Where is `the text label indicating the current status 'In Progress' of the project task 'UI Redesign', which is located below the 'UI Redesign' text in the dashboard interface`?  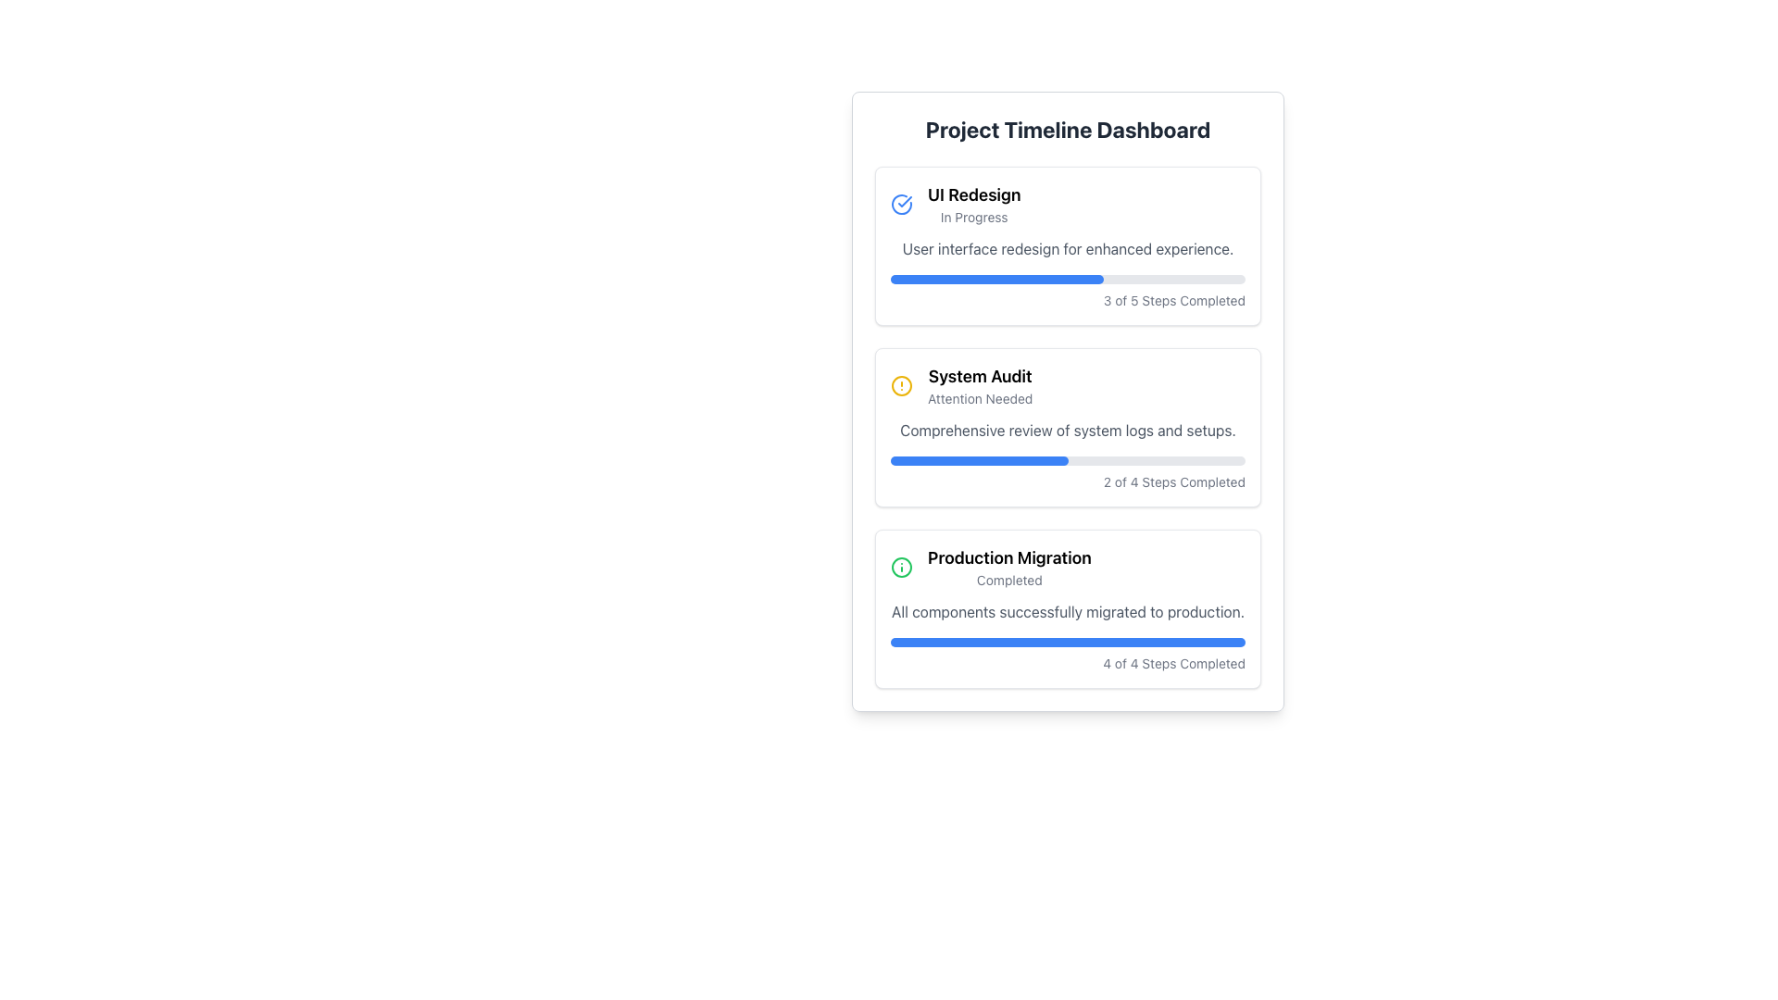 the text label indicating the current status 'In Progress' of the project task 'UI Redesign', which is located below the 'UI Redesign' text in the dashboard interface is located at coordinates (973, 217).